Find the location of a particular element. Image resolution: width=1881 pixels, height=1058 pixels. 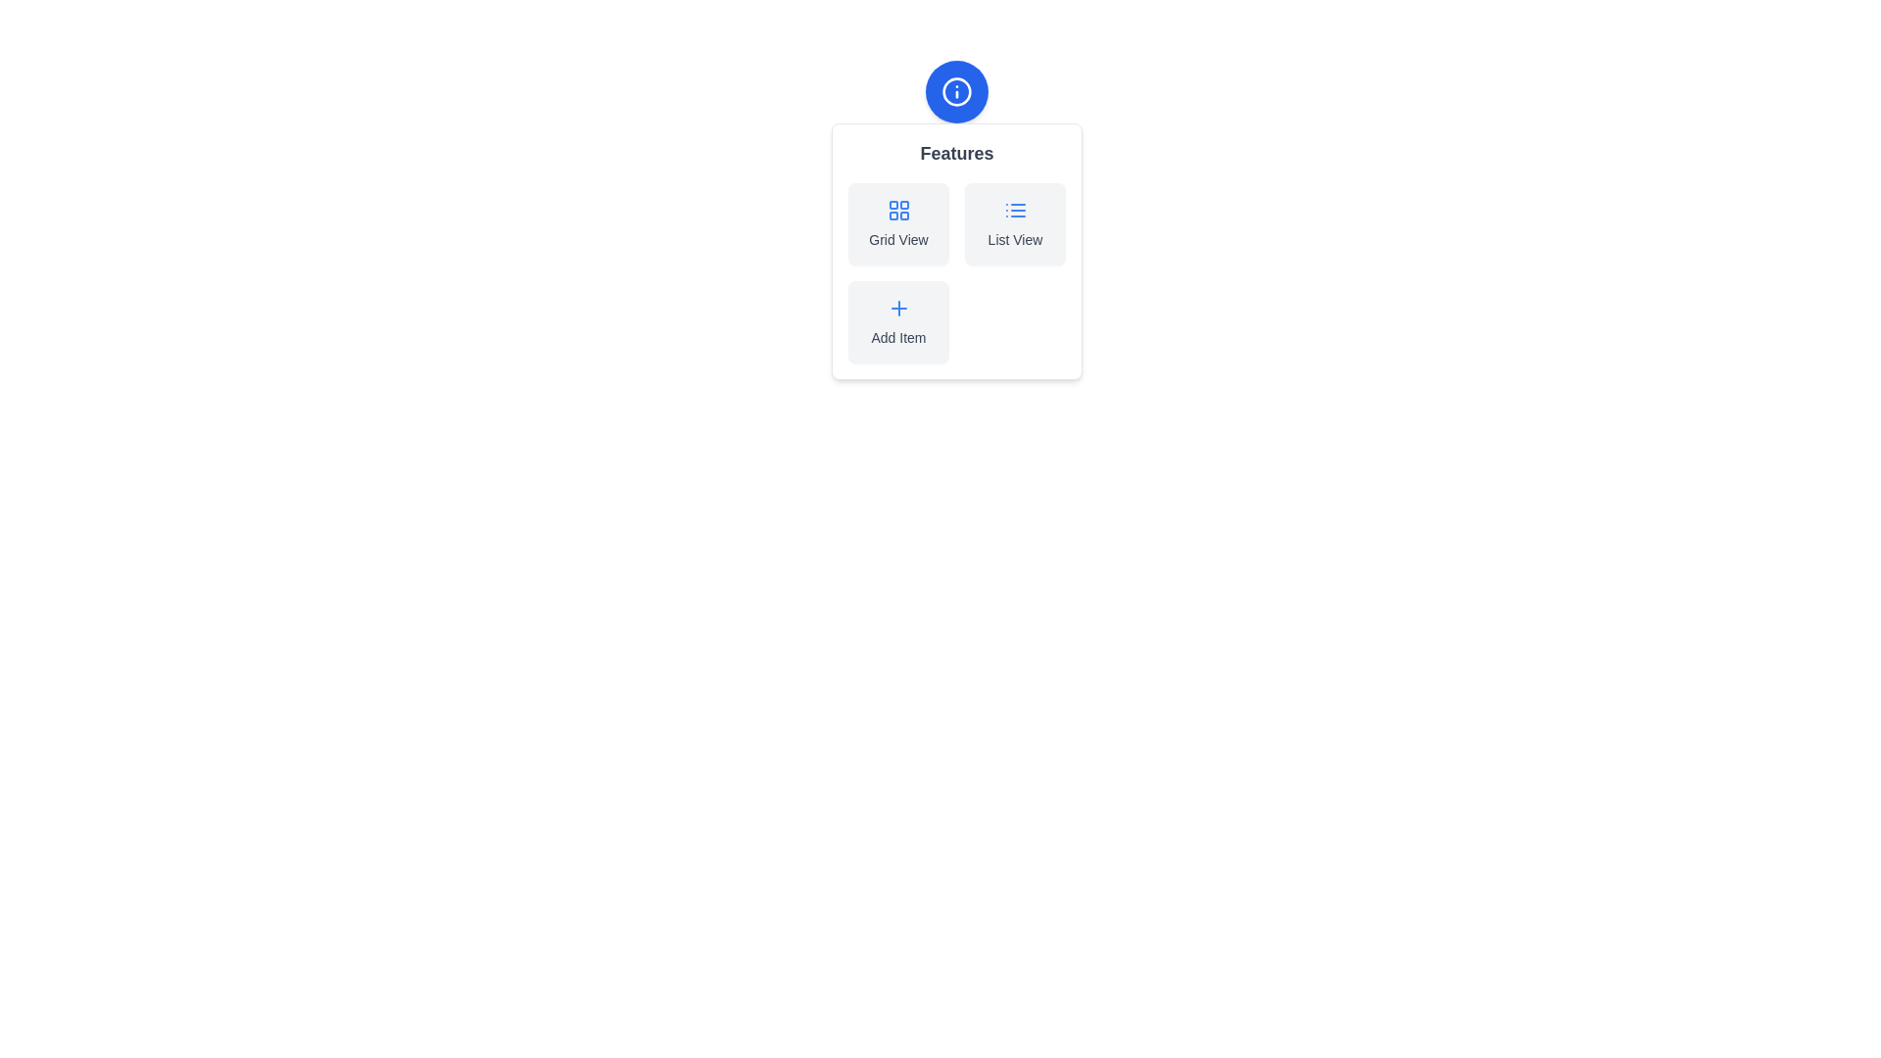

the 'Grid View' icon, which is a 2x2 grid of rectangles with a blue border and a white background, located above the 'Grid View' label is located at coordinates (897, 211).